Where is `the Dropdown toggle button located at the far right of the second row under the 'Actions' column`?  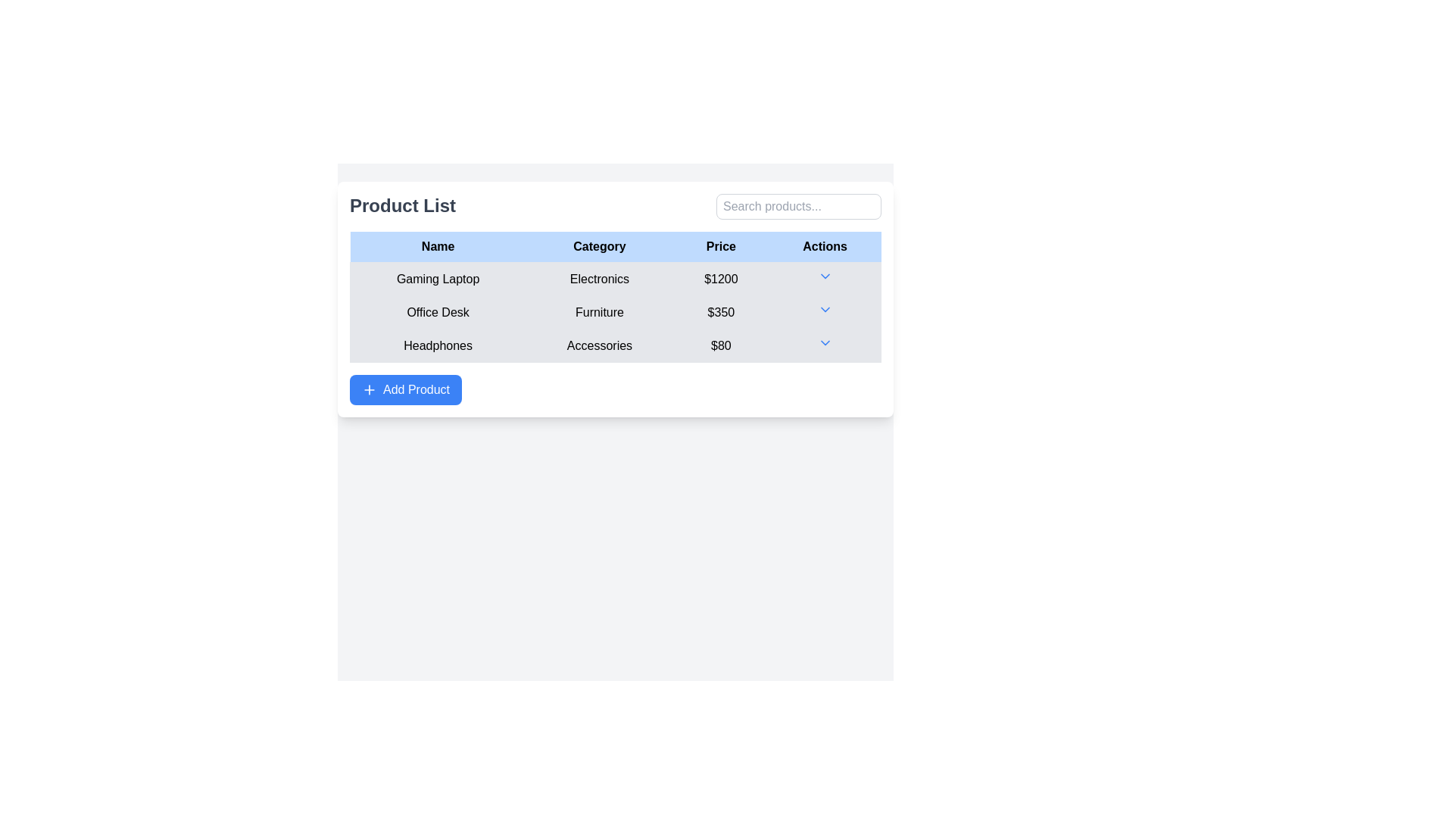 the Dropdown toggle button located at the far right of the second row under the 'Actions' column is located at coordinates (824, 311).